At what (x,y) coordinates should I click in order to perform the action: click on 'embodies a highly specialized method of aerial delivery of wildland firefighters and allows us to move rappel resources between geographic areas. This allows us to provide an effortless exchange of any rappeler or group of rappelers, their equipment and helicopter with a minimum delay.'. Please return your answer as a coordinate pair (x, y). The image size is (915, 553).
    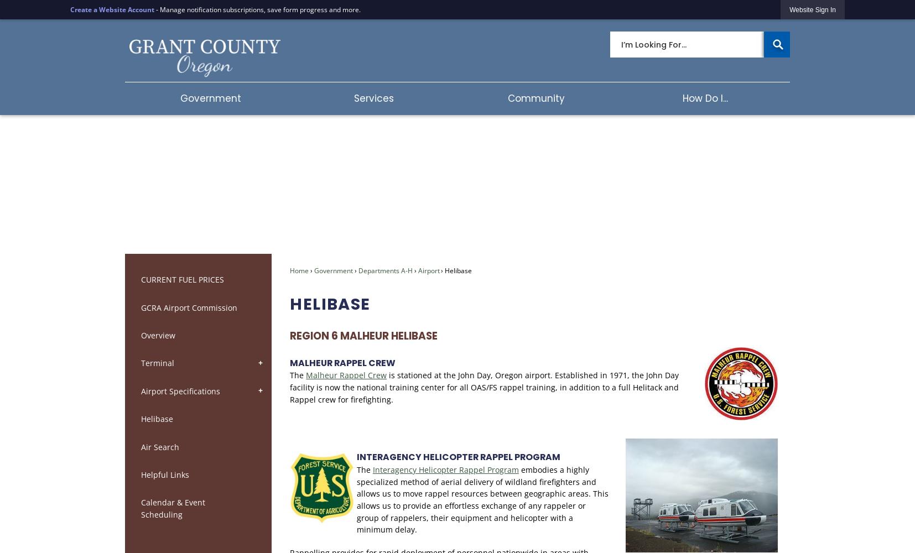
    Looking at the image, I should click on (481, 499).